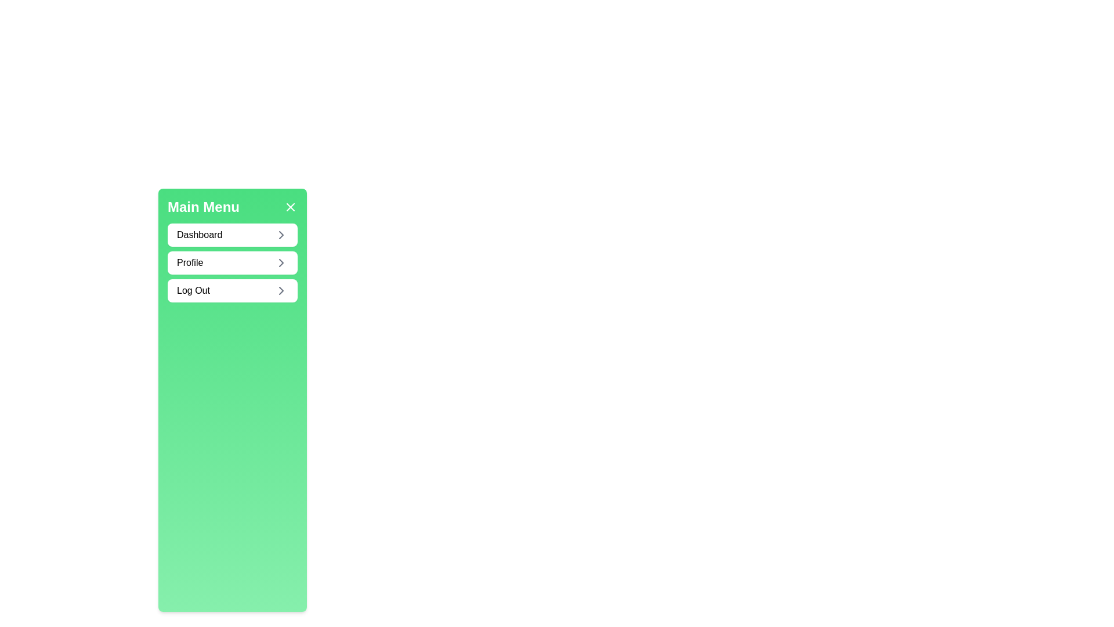 The image size is (1114, 627). Describe the element at coordinates (290, 207) in the screenshot. I see `the close button to toggle the menu visibility` at that location.